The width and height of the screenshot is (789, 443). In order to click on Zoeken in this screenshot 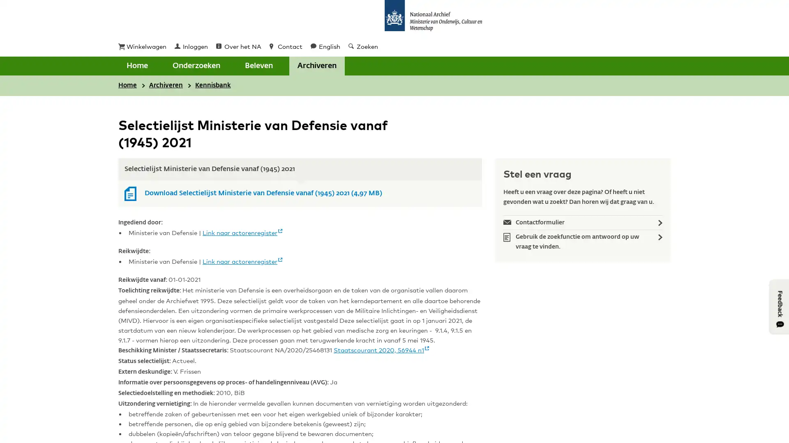, I will do `click(308, 66)`.